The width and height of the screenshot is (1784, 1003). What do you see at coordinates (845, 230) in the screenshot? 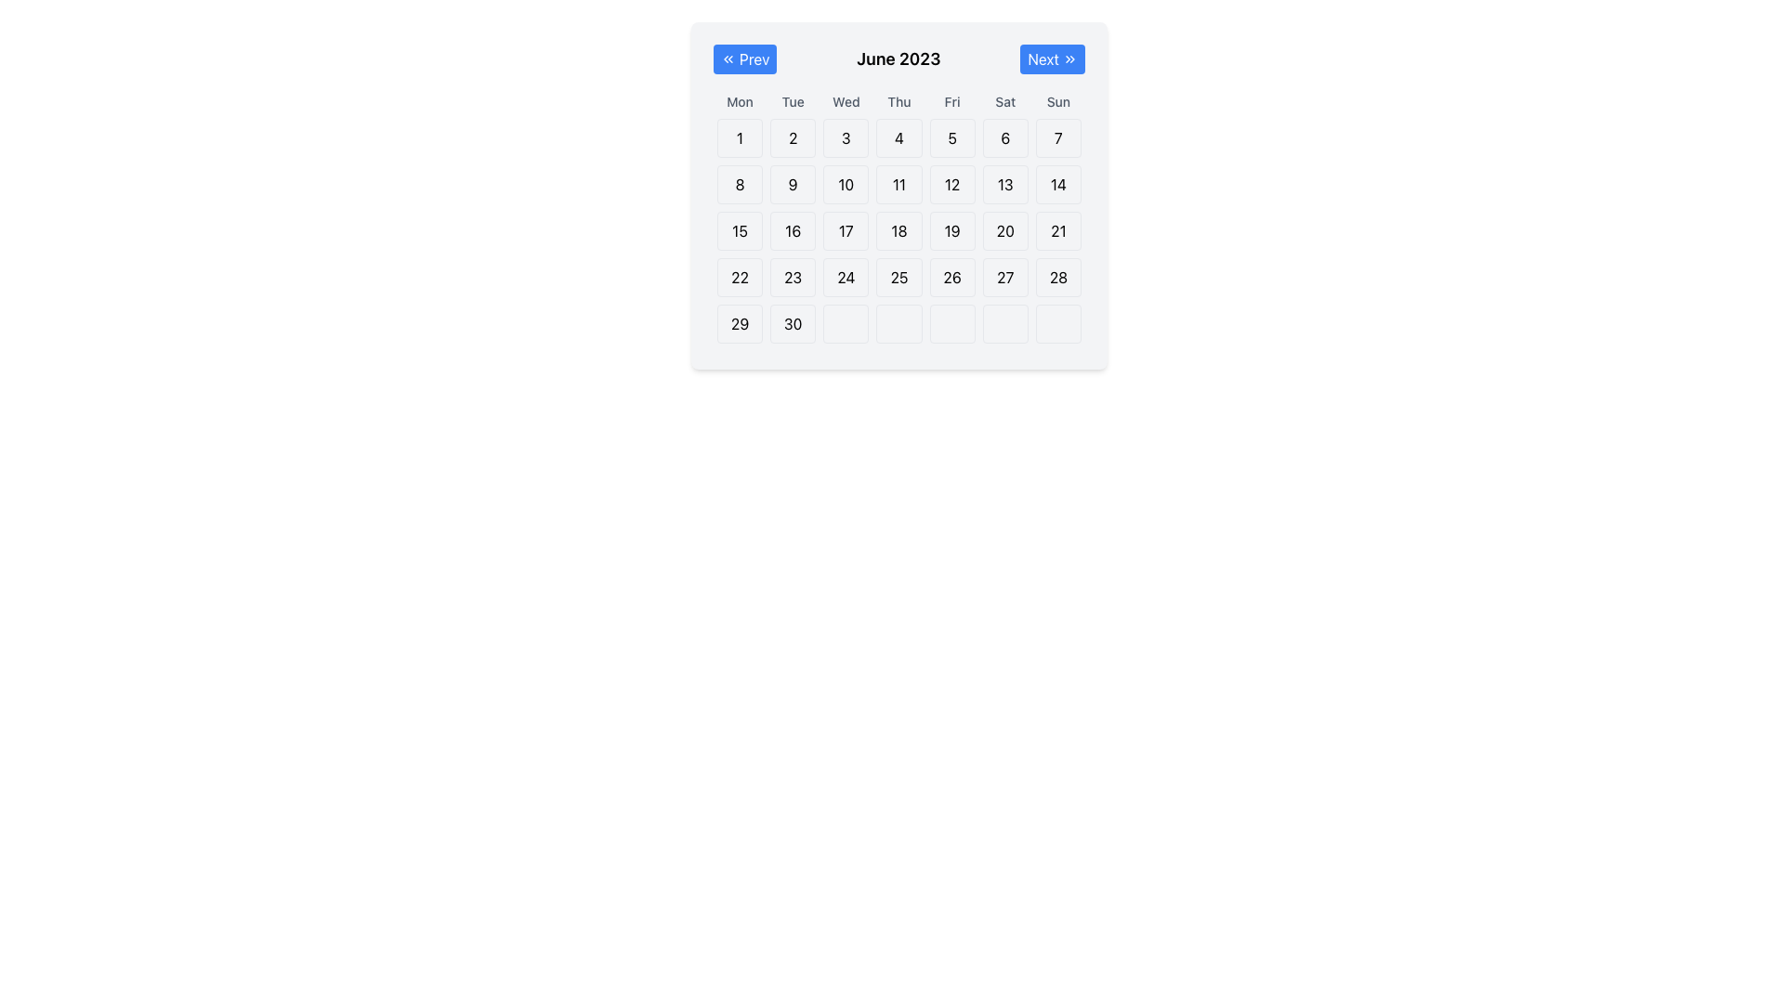
I see `the third button in the third row of the calendar grid` at bounding box center [845, 230].